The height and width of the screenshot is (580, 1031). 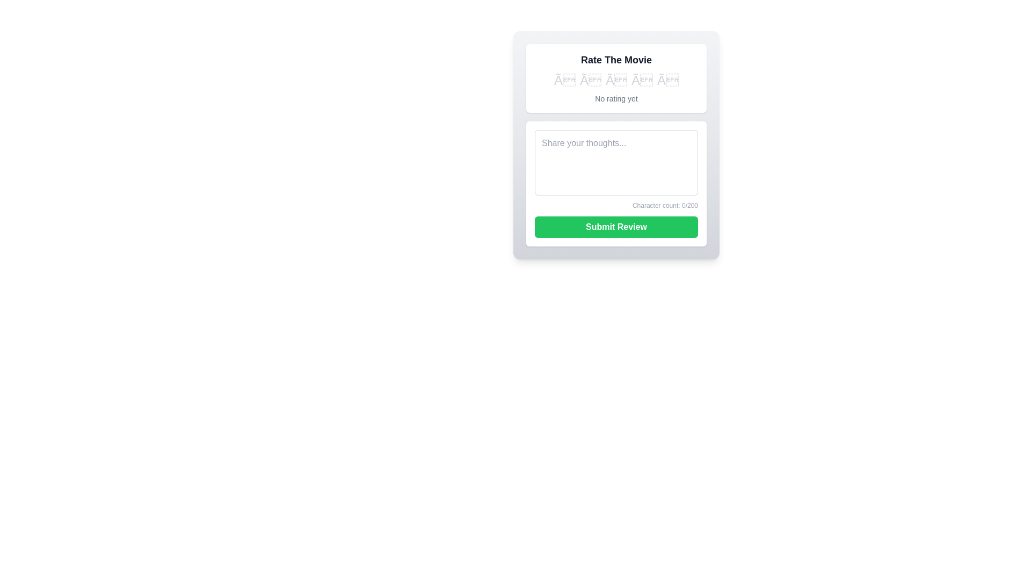 I want to click on the star corresponding to 4 to set the movie rating, so click(x=642, y=80).